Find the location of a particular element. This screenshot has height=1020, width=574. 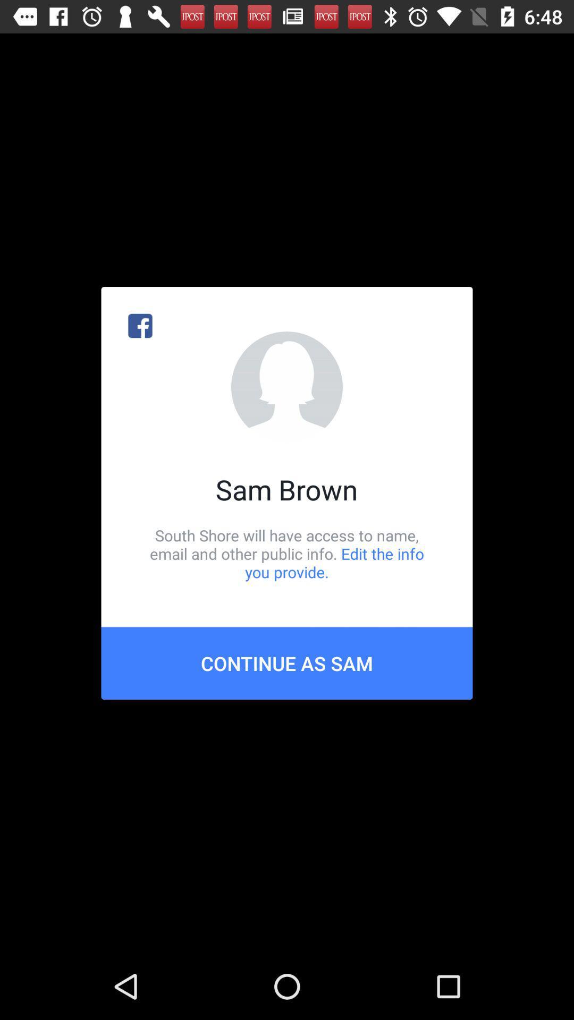

continue as sam is located at coordinates (287, 662).